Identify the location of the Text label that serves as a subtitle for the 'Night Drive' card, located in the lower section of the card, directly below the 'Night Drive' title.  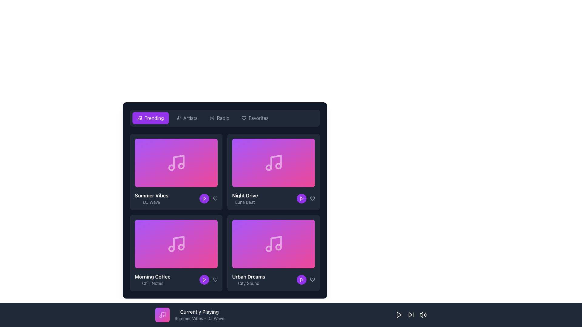
(245, 202).